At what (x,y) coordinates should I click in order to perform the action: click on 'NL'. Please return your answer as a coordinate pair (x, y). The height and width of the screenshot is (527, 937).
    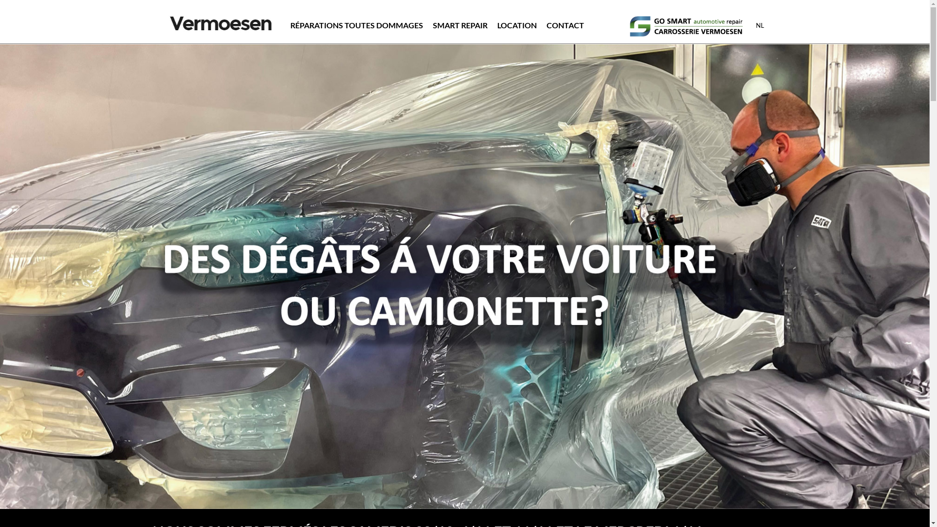
    Looking at the image, I should click on (759, 24).